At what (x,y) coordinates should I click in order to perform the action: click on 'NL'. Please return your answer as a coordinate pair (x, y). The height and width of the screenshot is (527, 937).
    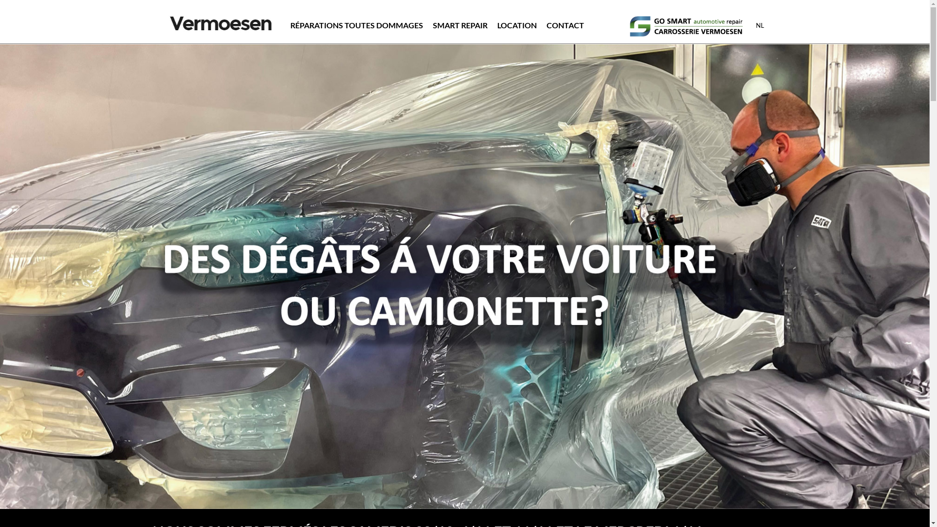
    Looking at the image, I should click on (759, 24).